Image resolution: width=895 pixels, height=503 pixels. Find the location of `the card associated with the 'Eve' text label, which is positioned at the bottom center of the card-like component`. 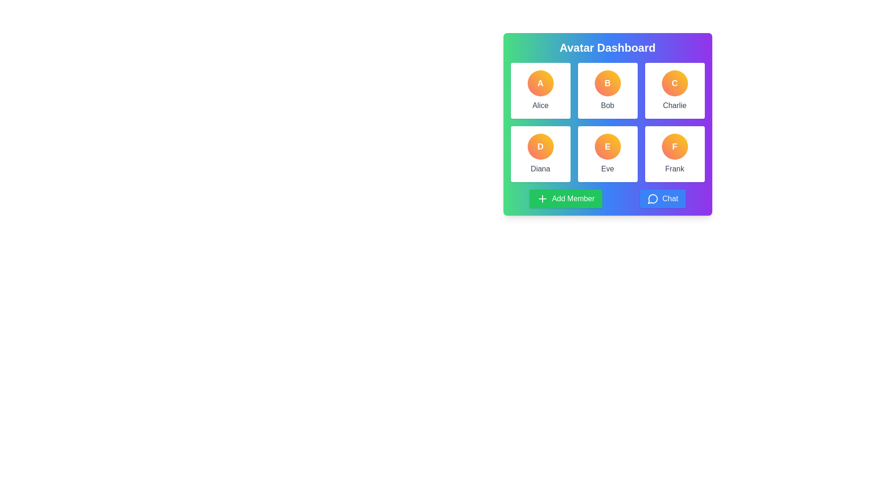

the card associated with the 'Eve' text label, which is positioned at the bottom center of the card-like component is located at coordinates (607, 169).